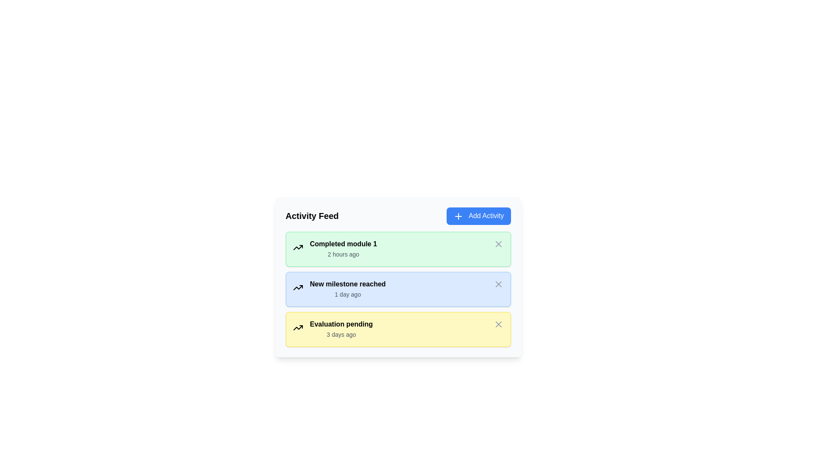 This screenshot has height=461, width=819. What do you see at coordinates (298, 247) in the screenshot?
I see `the progress icon located at the top left corner of the 'Completed module 1', which visually represents progress or achievement` at bounding box center [298, 247].